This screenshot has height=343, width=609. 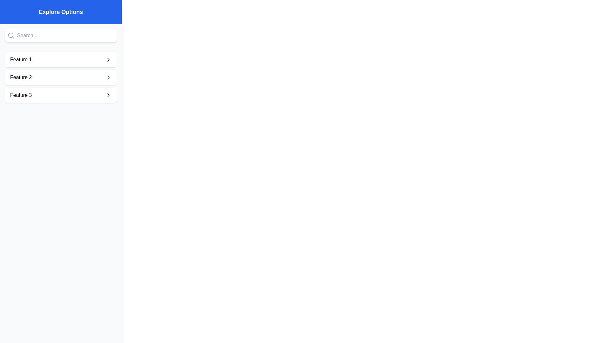 What do you see at coordinates (61, 95) in the screenshot?
I see `the button corresponding to Feature 3` at bounding box center [61, 95].